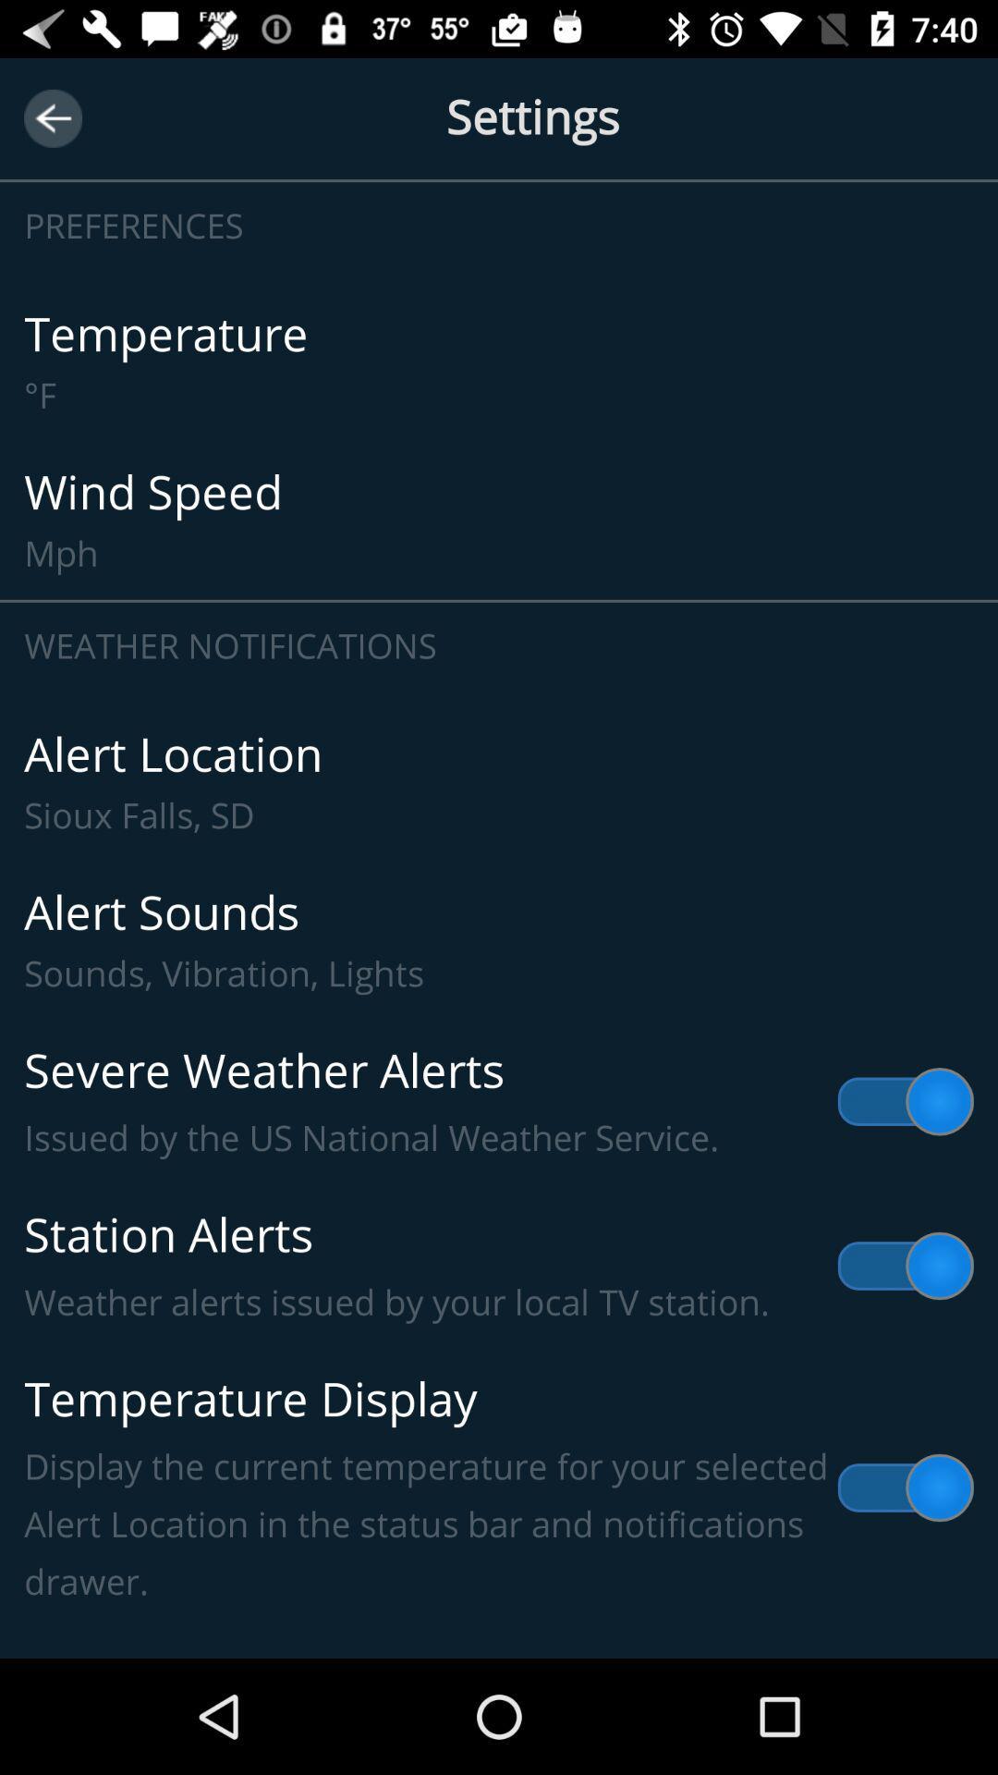  Describe the element at coordinates (499, 1631) in the screenshot. I see `the lock screen weather icon` at that location.